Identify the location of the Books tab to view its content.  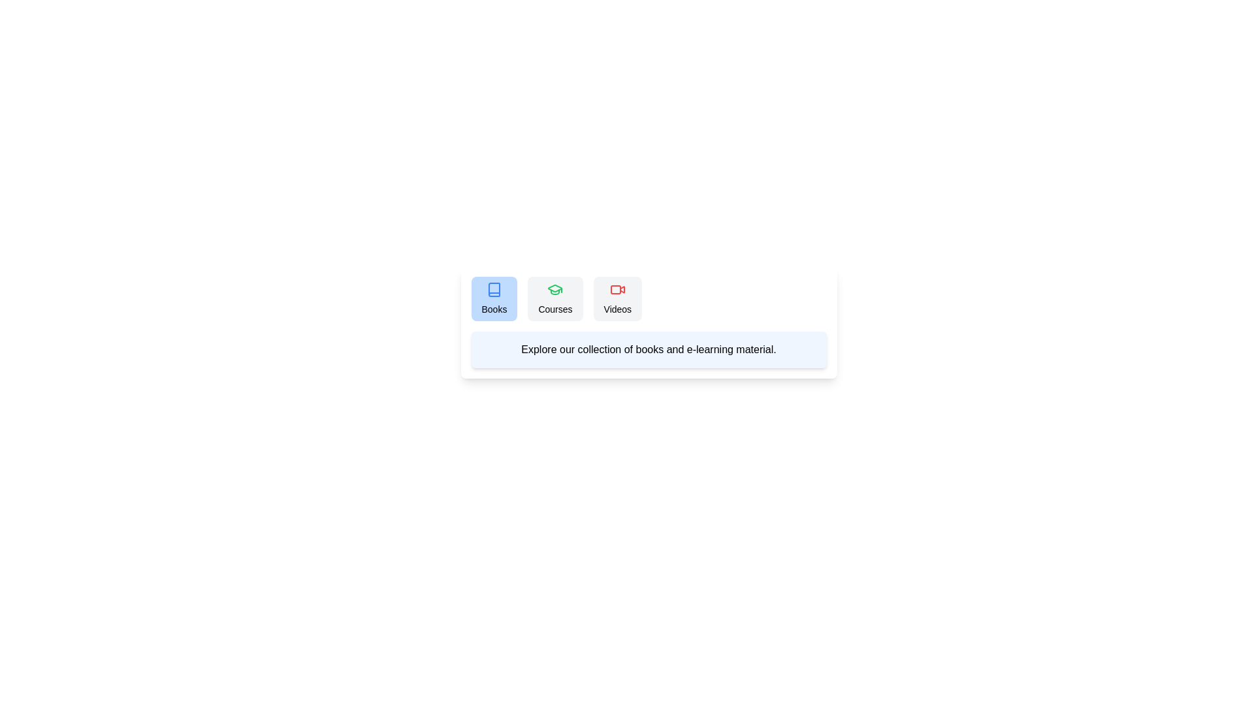
(494, 299).